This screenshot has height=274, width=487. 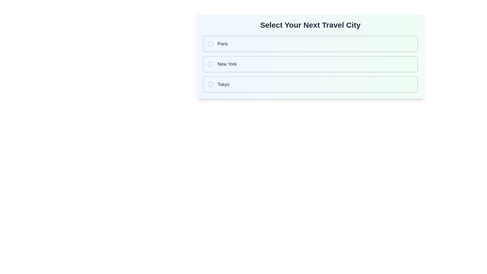 I want to click on the radio button for the 'New York' option, which is the second item in the vertical list, so click(x=210, y=64).